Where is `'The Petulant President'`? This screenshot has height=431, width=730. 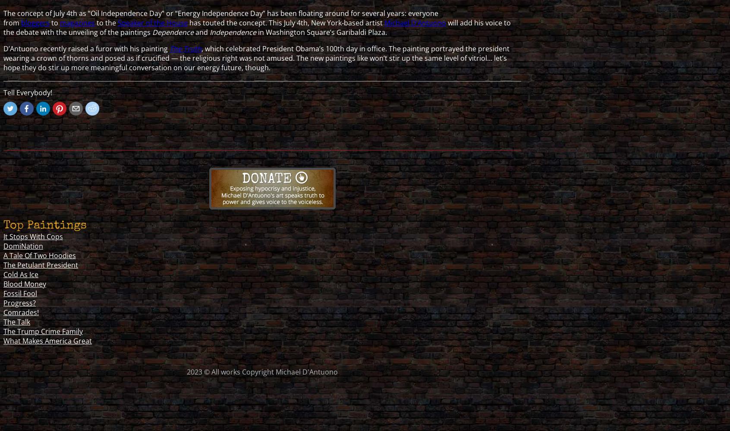
'The Petulant President' is located at coordinates (41, 264).